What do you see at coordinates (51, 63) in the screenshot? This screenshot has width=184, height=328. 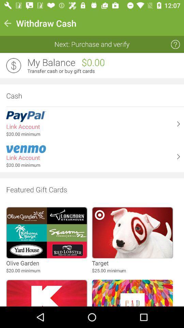 I see `the item next to $0.00` at bounding box center [51, 63].